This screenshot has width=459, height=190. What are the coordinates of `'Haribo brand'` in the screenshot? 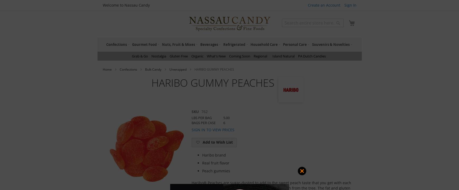 It's located at (213, 155).